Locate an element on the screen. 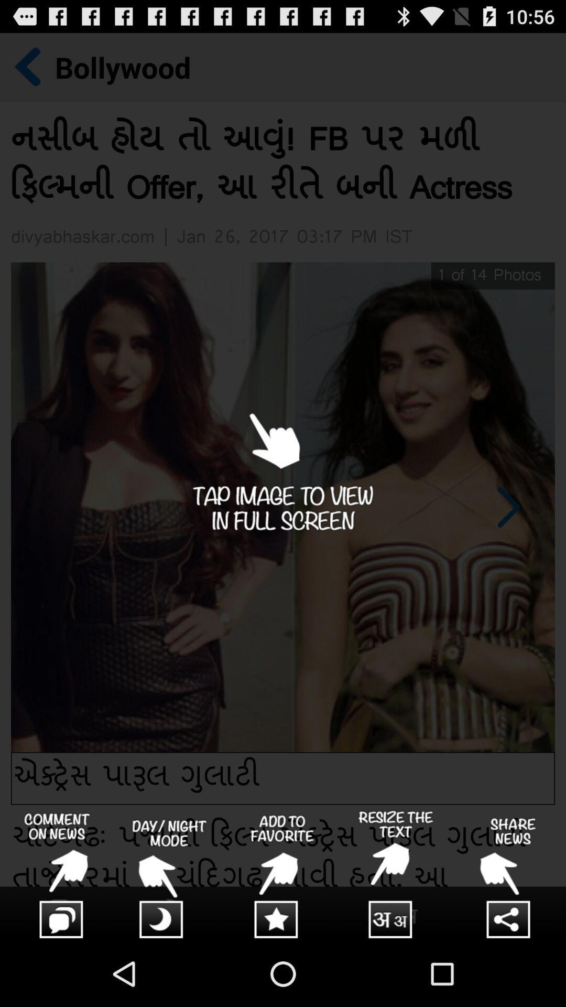 This screenshot has width=566, height=1007. share page is located at coordinates (509, 875).